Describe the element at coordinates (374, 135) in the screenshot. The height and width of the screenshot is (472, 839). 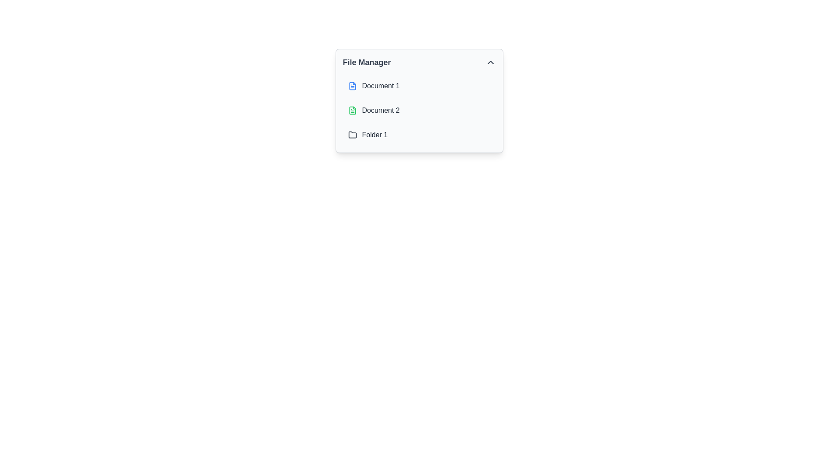
I see `the text label representing the selectable folder named 'Folder 1' in the file manager to potentially view more details` at that location.